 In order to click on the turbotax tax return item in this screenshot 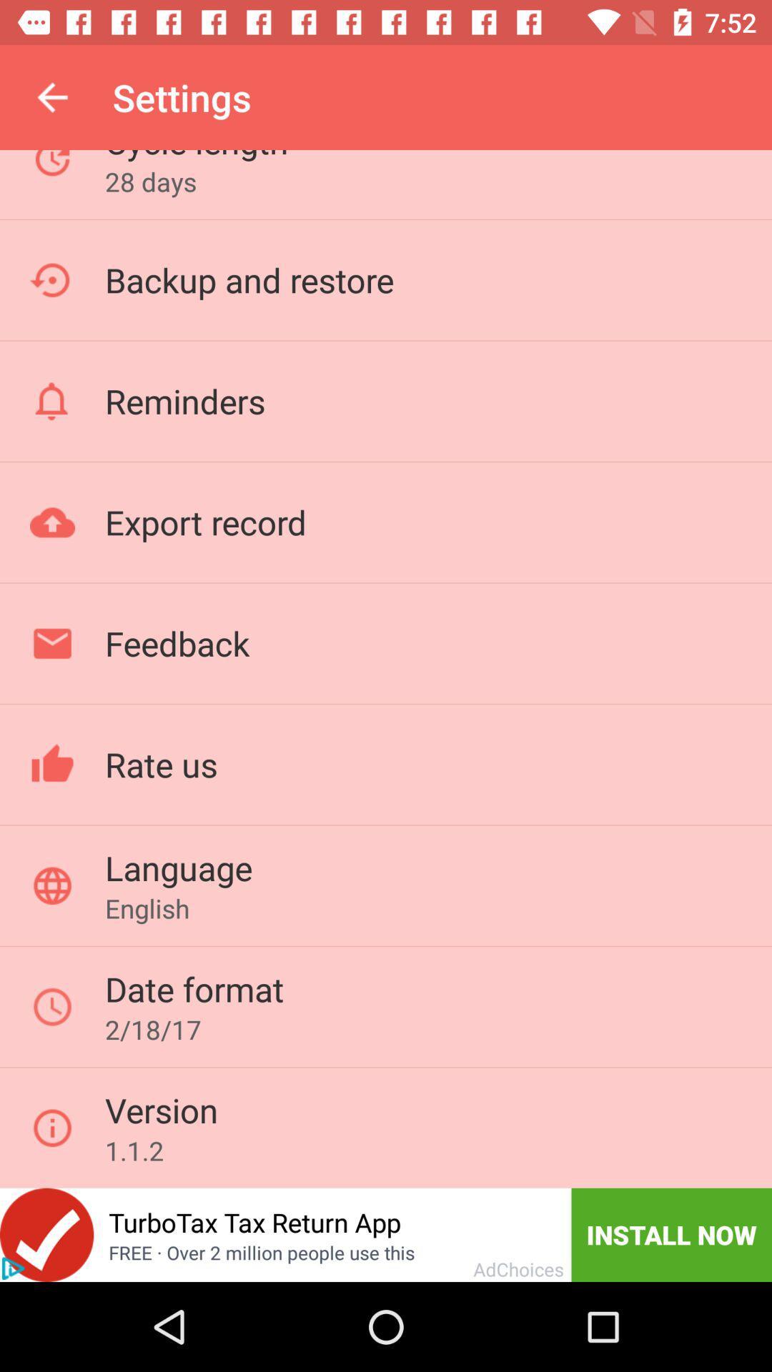, I will do `click(254, 1221)`.